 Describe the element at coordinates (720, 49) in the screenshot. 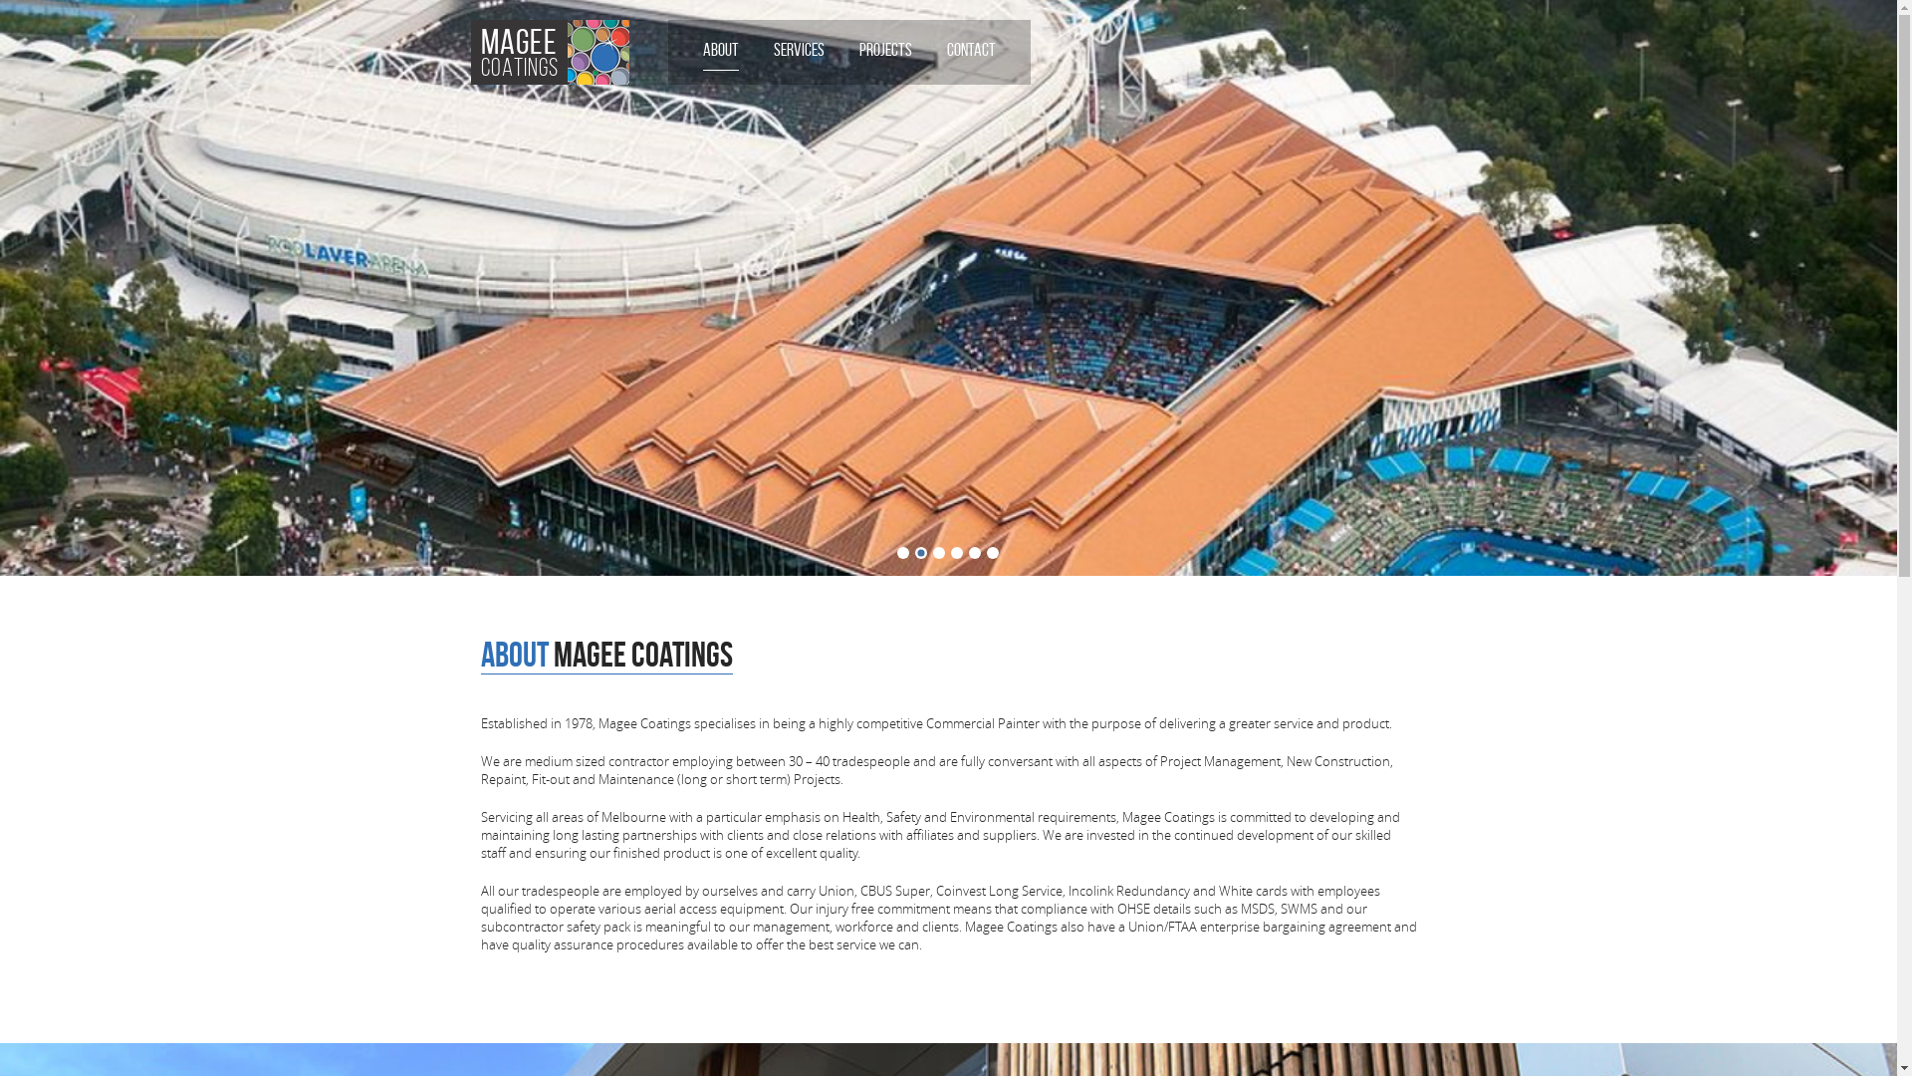

I see `'ABOUT'` at that location.